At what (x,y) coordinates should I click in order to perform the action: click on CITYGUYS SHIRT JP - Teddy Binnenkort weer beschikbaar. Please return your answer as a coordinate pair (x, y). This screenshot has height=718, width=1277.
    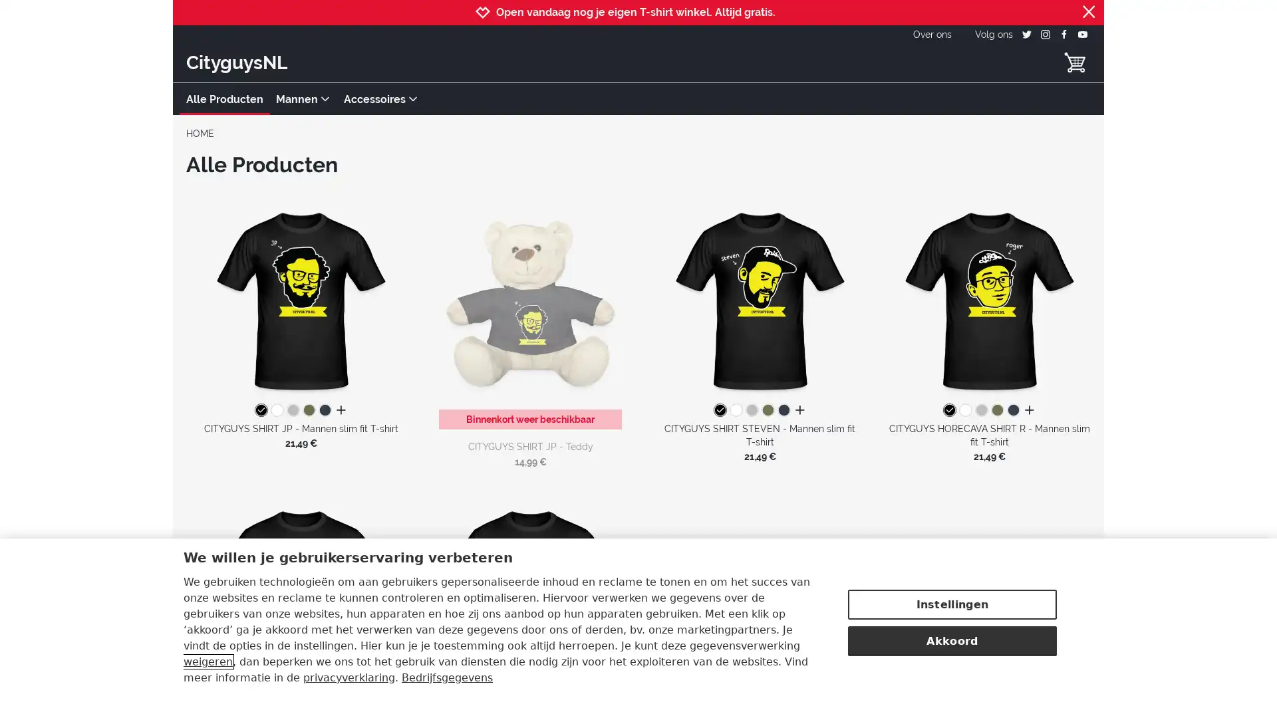
    Looking at the image, I should click on (529, 313).